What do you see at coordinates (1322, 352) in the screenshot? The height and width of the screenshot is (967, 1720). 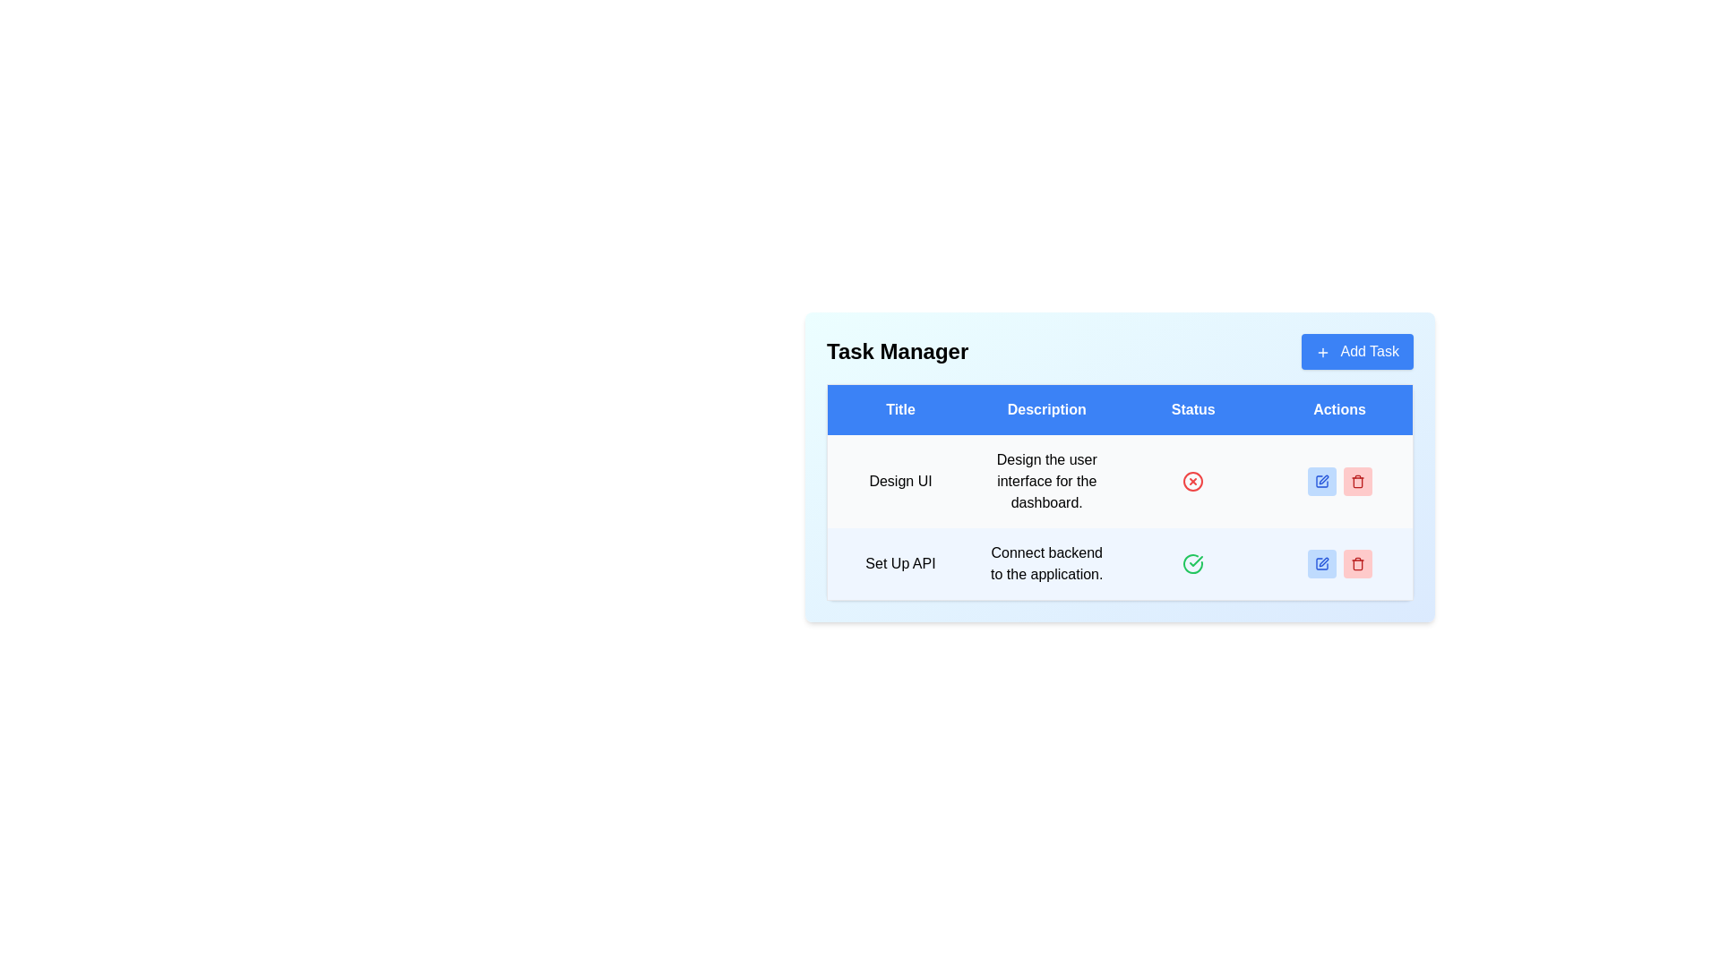 I see `the icon indicating the addition of a new task, which is located to the left of the 'Add Task' text on the button in the top-right corner of the application panel` at bounding box center [1322, 352].